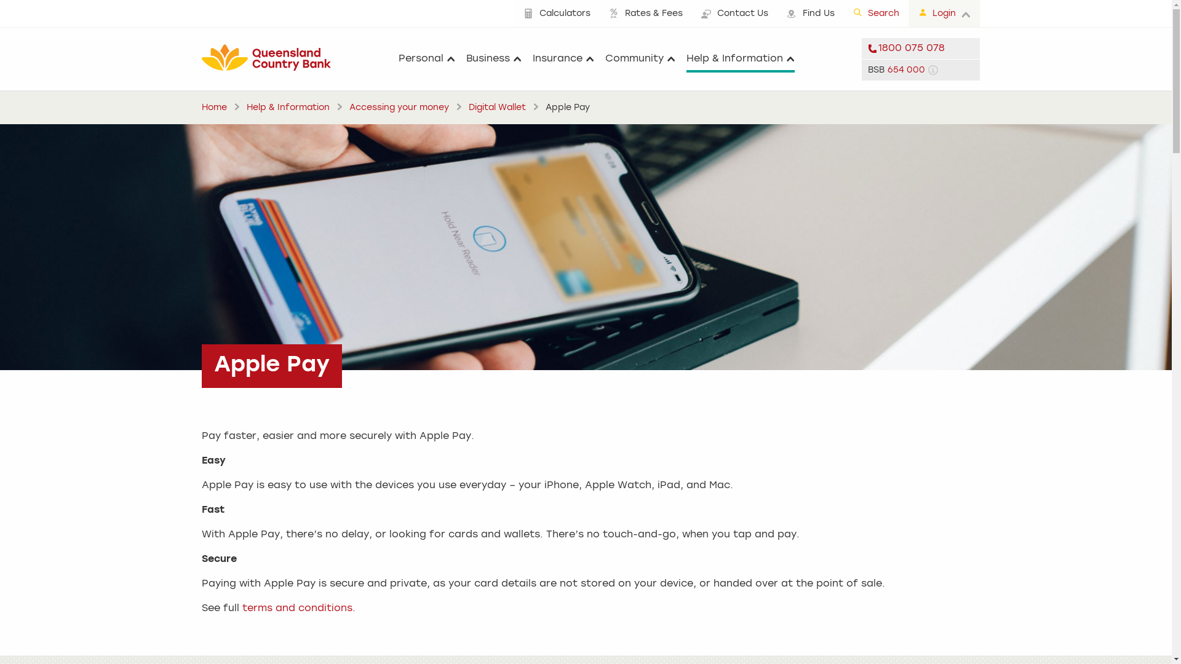  What do you see at coordinates (734, 14) in the screenshot?
I see `'Contact Us'` at bounding box center [734, 14].